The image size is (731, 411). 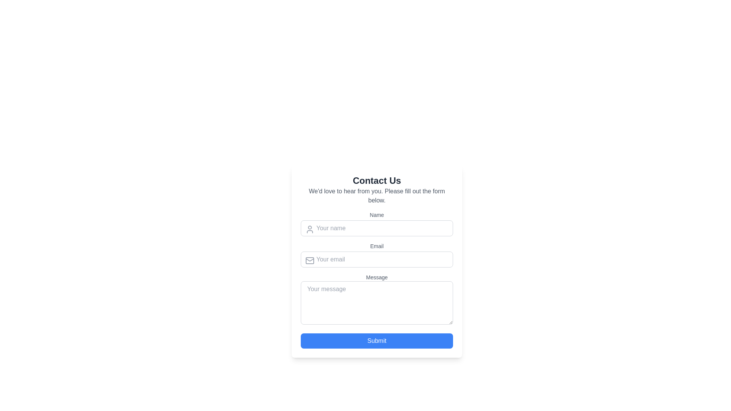 I want to click on the text block displaying the message 'We'd love to hear from you. Please fill out the form below.' which is located beneath the 'Contact Us' heading and above the input fields, so click(x=377, y=196).